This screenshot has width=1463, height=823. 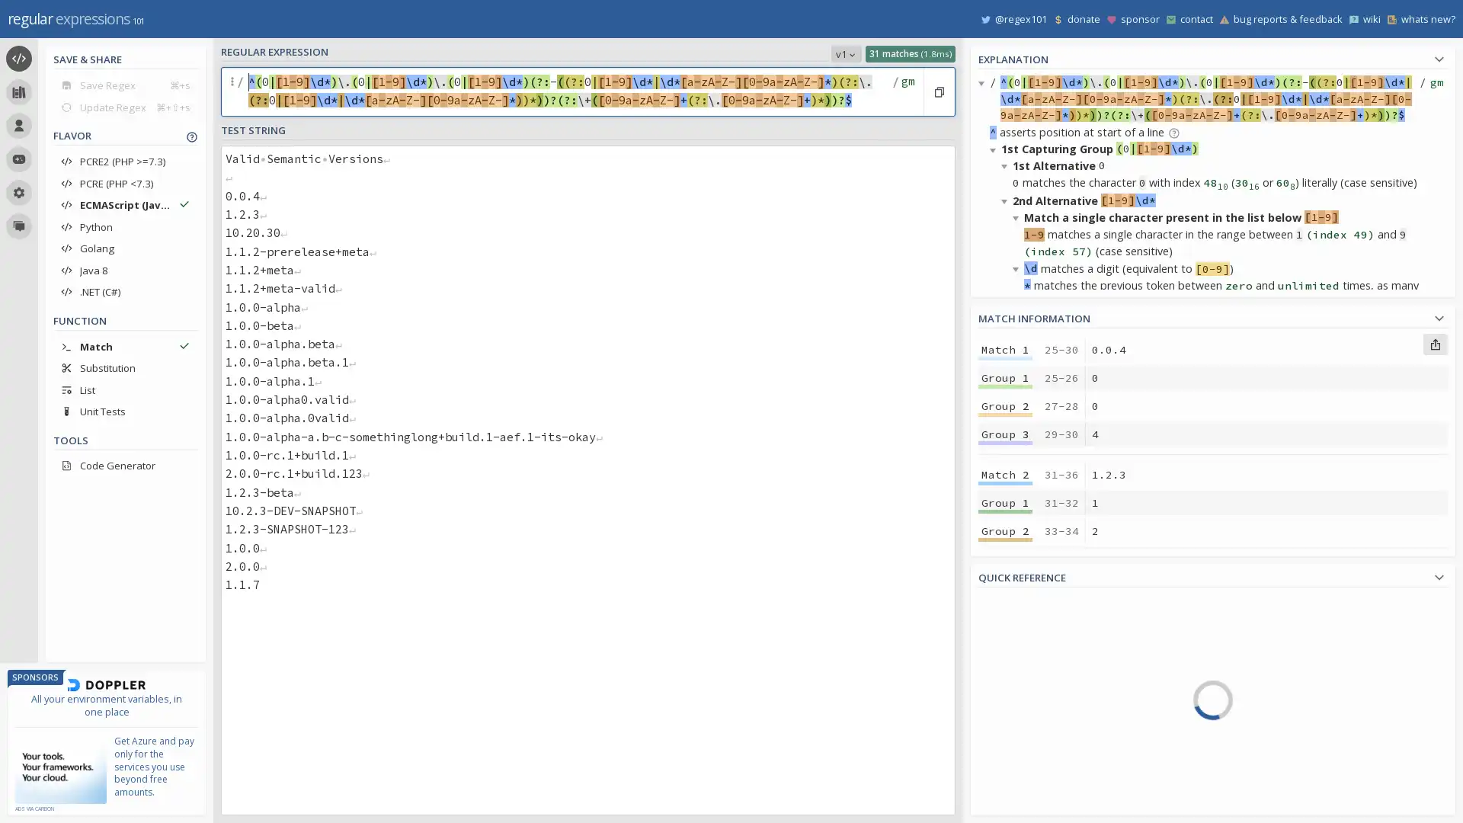 I want to click on Golang, so click(x=125, y=248).